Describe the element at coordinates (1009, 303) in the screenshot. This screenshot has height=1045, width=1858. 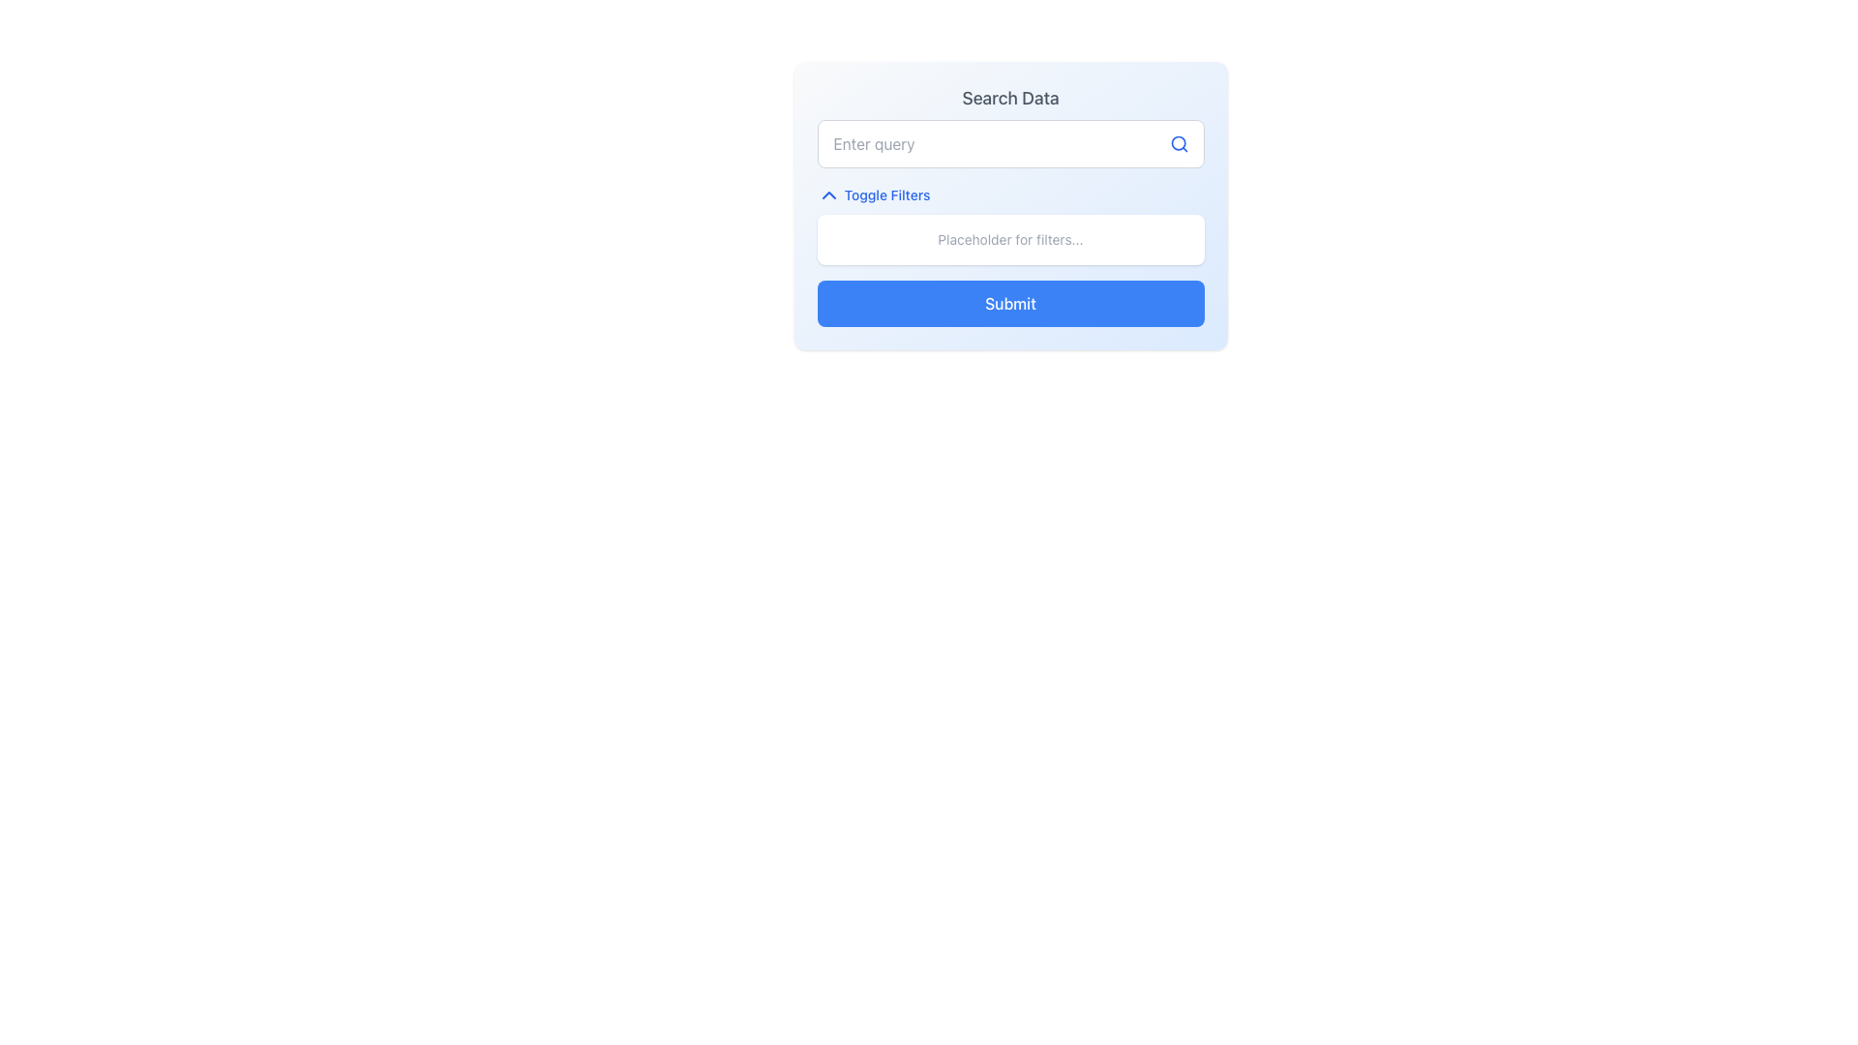
I see `the 'Submit' button, which is a bright blue rectangular button with white text, located at the bottom of the form` at that location.